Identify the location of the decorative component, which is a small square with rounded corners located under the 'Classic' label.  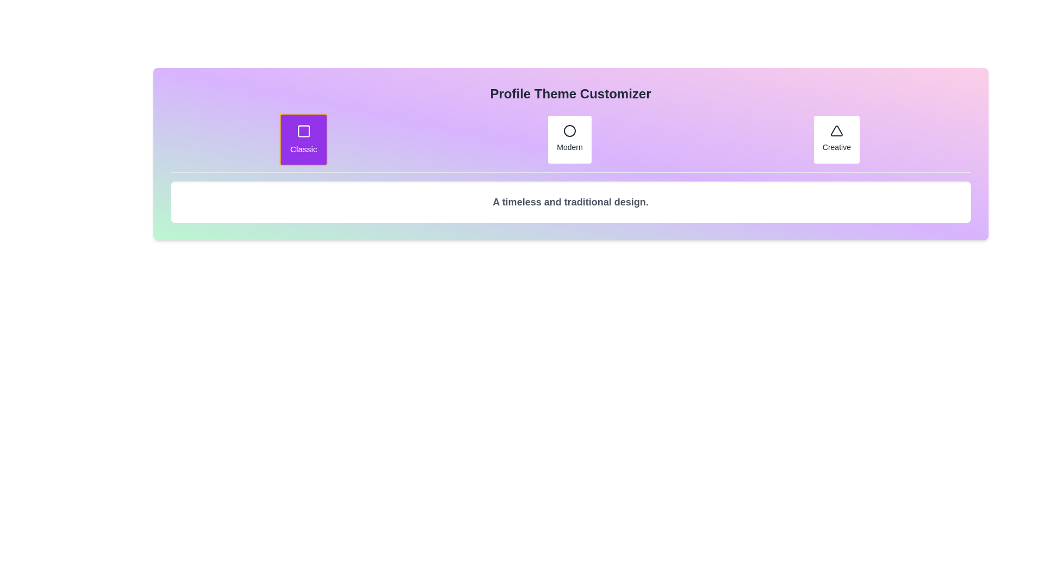
(303, 130).